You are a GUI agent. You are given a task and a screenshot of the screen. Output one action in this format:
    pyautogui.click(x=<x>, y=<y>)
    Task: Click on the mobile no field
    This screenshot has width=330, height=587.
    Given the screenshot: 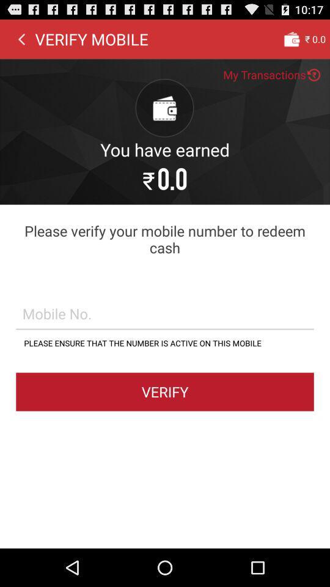 What is the action you would take?
    pyautogui.click(x=165, y=312)
    